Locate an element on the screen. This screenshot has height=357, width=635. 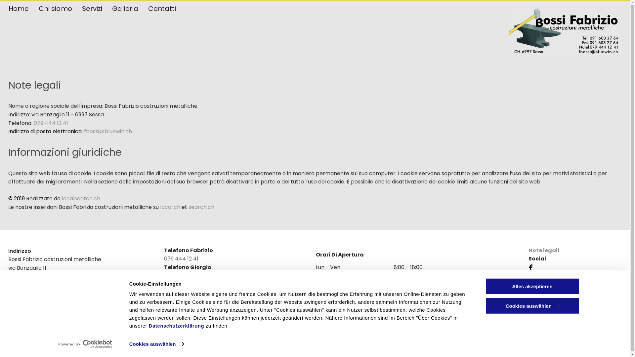
'local.ch' is located at coordinates (160, 207).